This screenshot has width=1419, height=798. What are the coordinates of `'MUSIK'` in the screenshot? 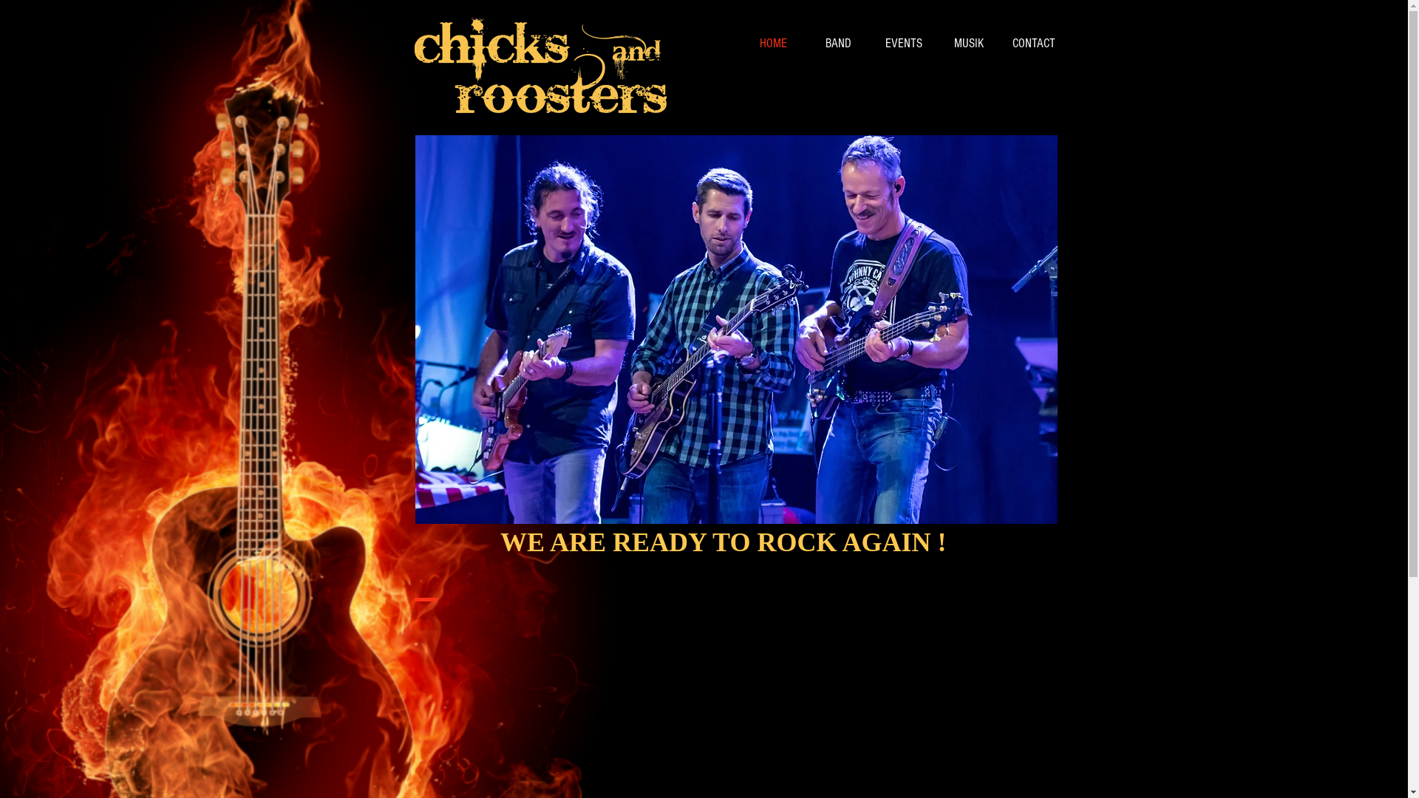 It's located at (968, 42).